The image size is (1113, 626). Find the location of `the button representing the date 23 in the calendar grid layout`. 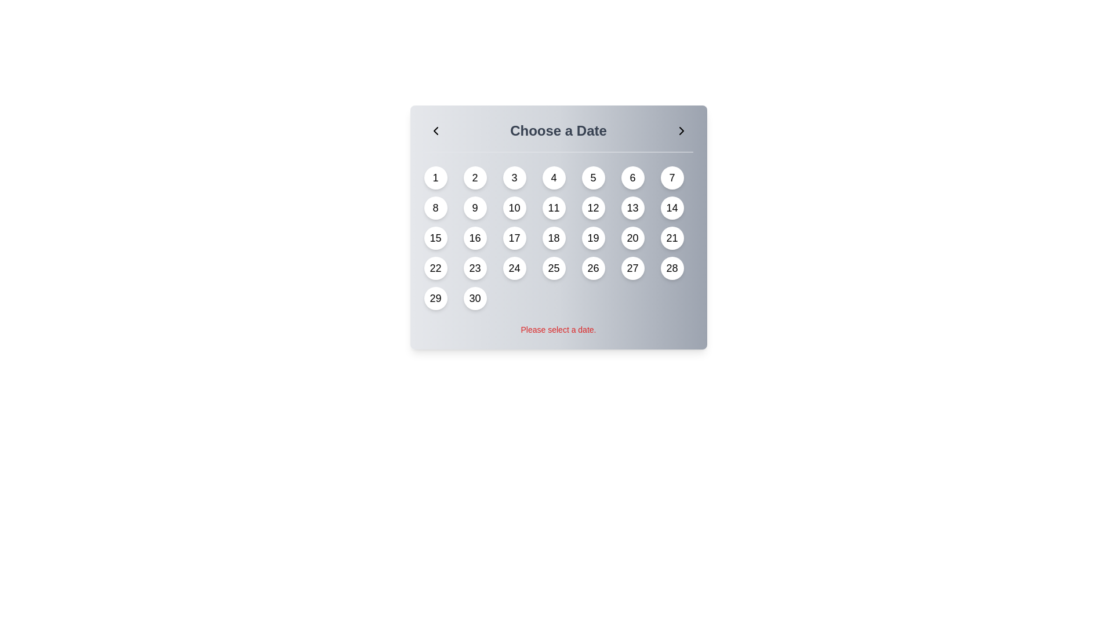

the button representing the date 23 in the calendar grid layout is located at coordinates (475, 268).